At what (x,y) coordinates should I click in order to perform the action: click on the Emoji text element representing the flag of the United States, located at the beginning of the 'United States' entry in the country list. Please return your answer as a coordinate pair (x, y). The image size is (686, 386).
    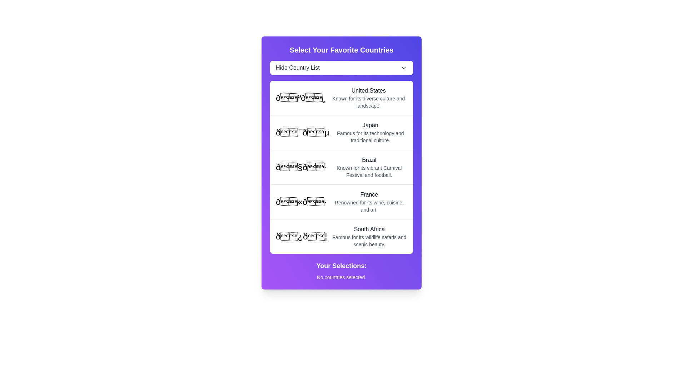
    Looking at the image, I should click on (300, 98).